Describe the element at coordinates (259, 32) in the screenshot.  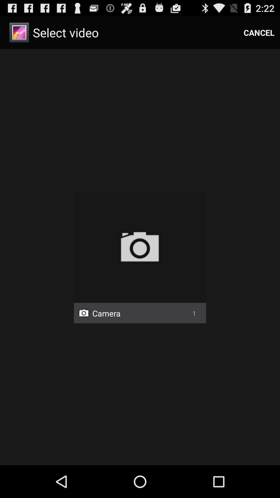
I see `the cancel icon` at that location.